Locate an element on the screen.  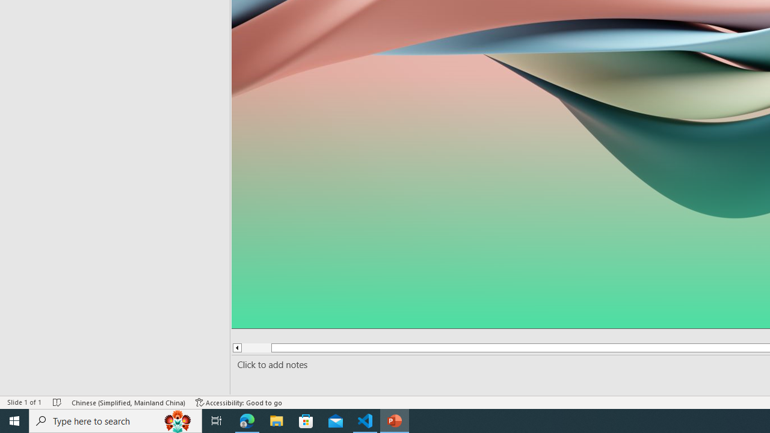
'Accessibility Checker Accessibility: Good to go' is located at coordinates (239, 402).